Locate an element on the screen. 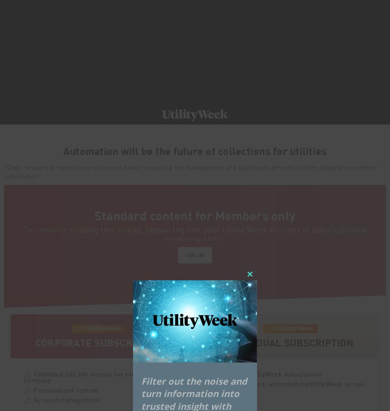  'Unlimited full site access, for your entire company' is located at coordinates (91, 378).